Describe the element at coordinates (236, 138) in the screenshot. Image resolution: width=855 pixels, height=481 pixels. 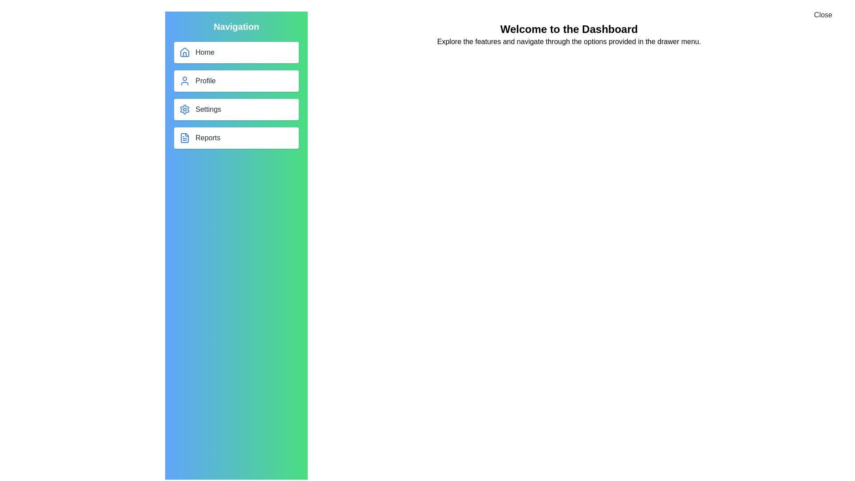
I see `the navigation button labeled Reports` at that location.